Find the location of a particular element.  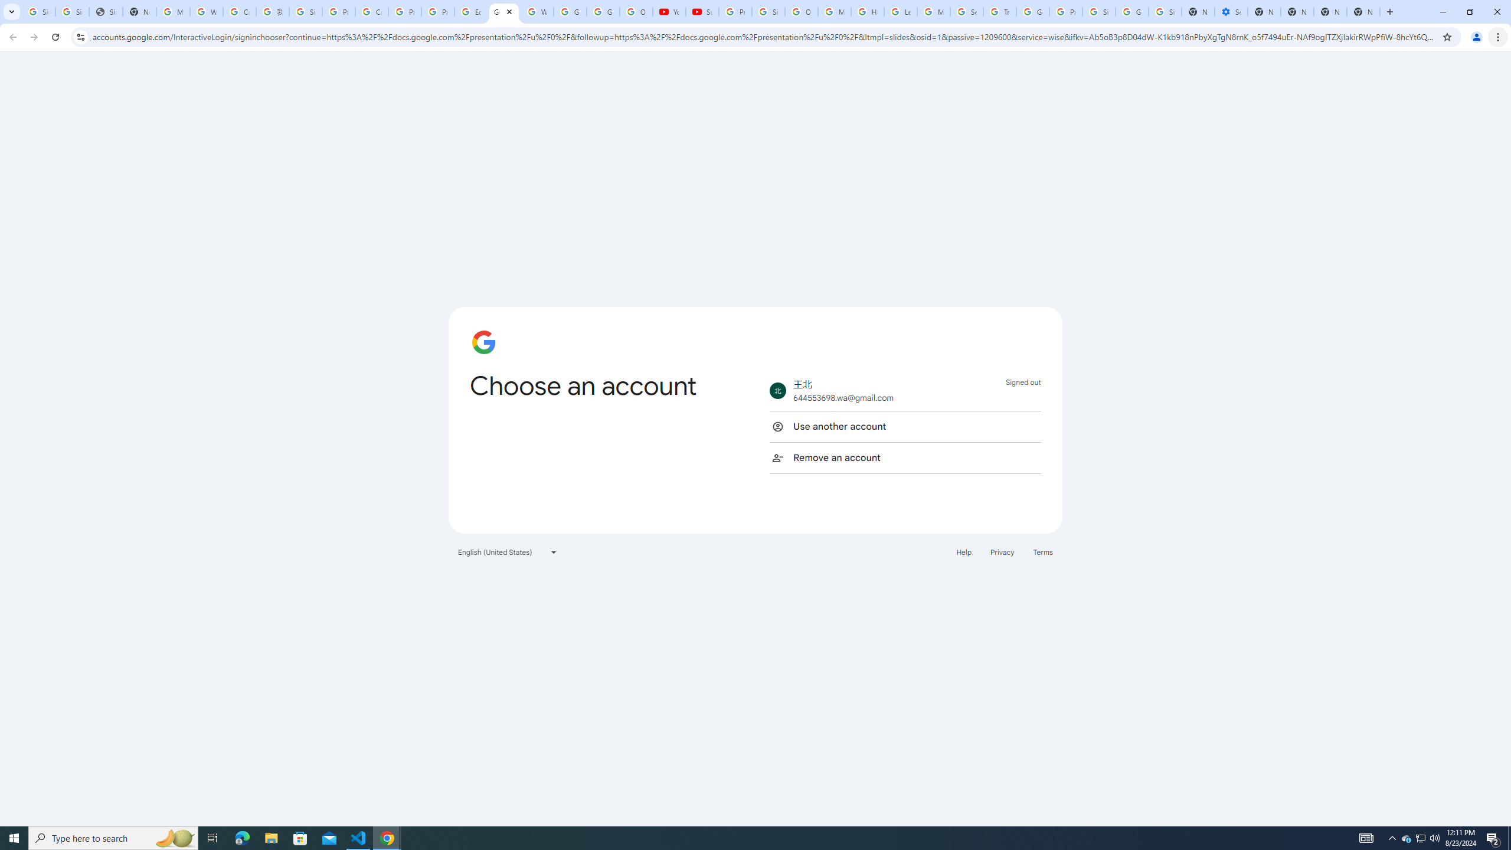

'Edit and view right-to-left text - Google Docs Editors Help' is located at coordinates (470, 11).